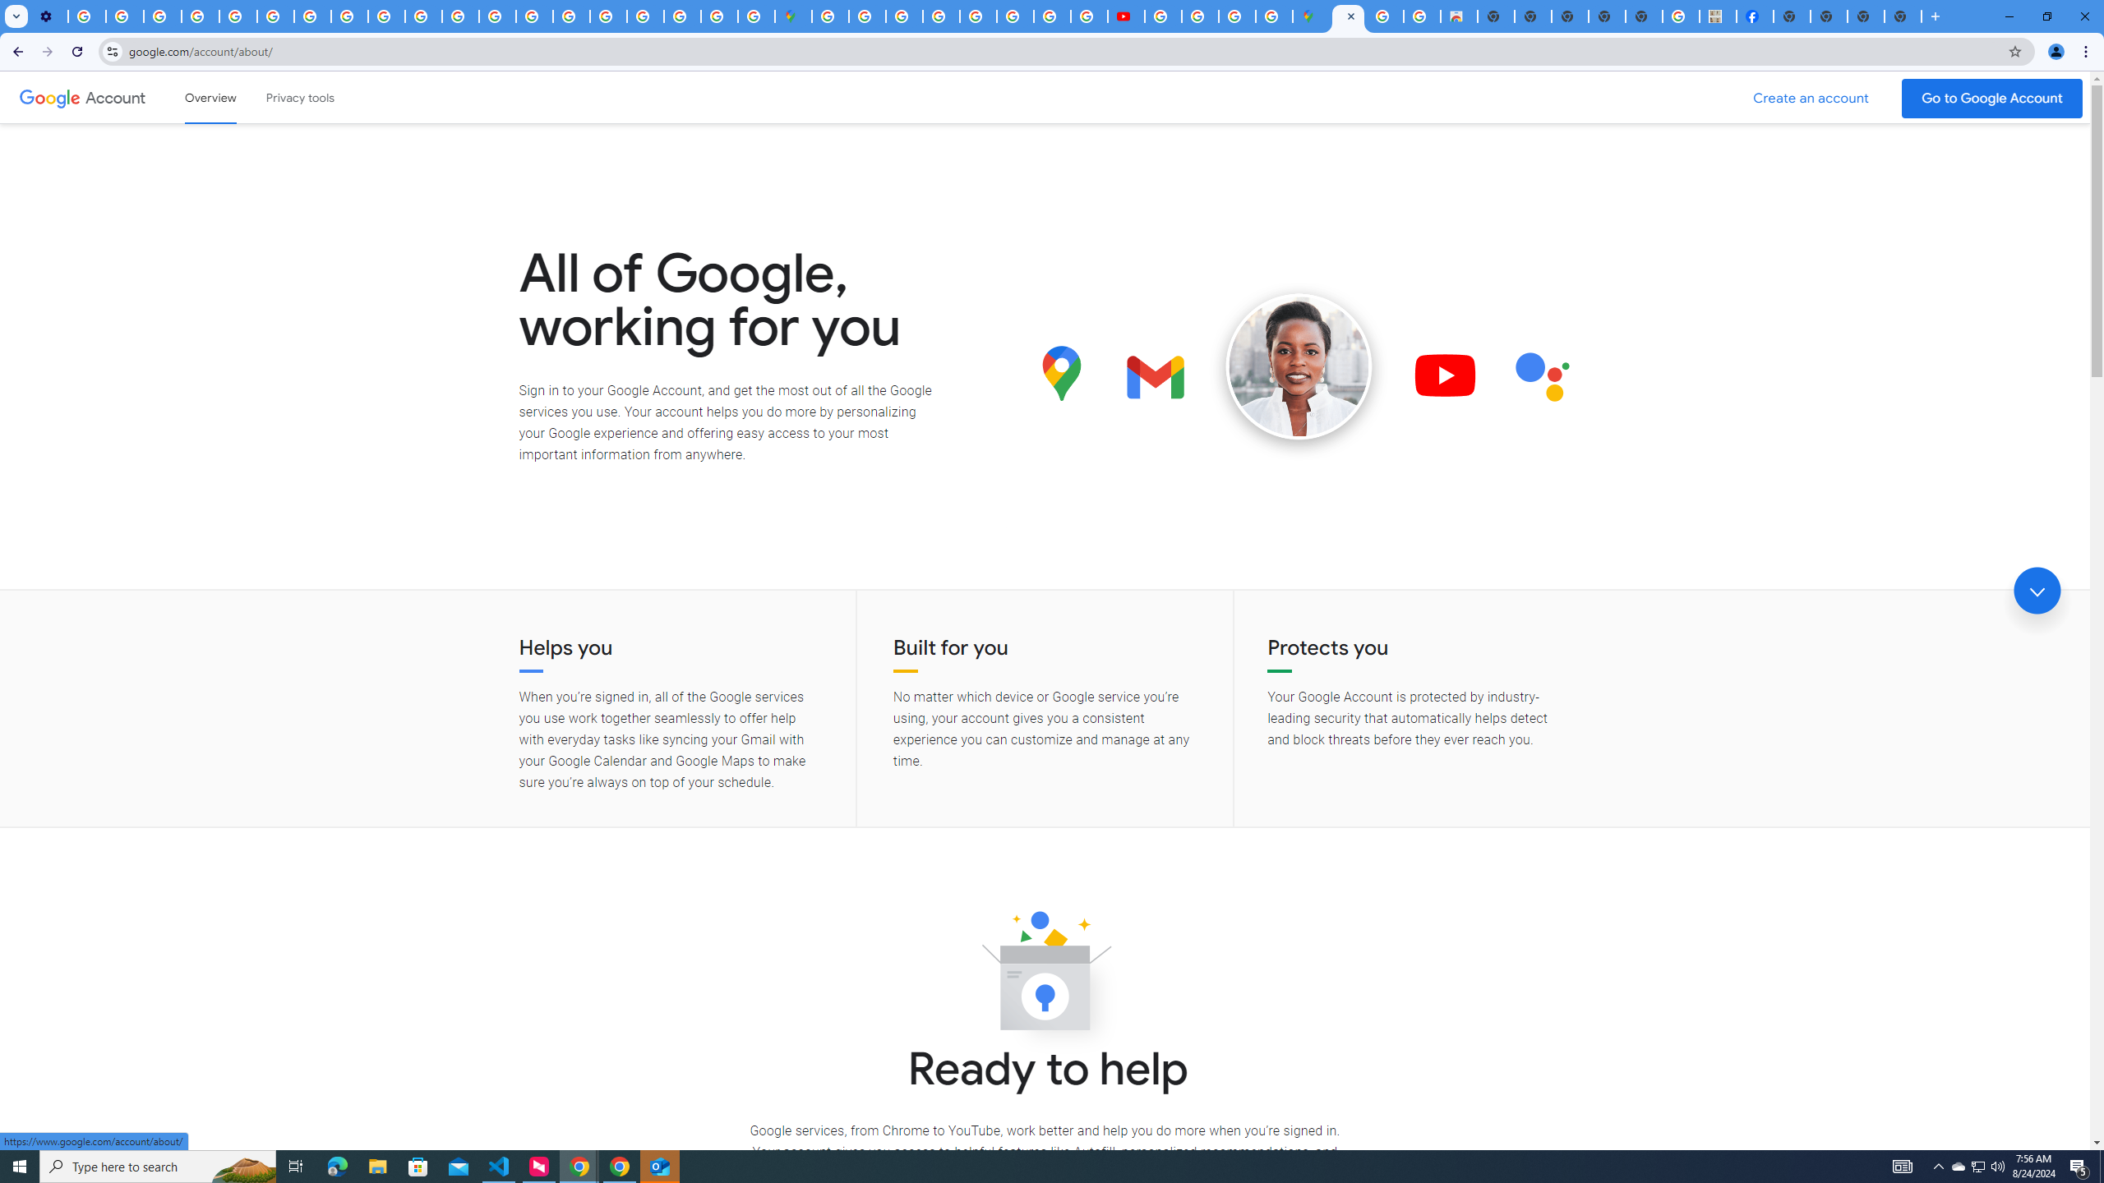  Describe the element at coordinates (1125, 16) in the screenshot. I see `'Subscriptions - YouTube'` at that location.